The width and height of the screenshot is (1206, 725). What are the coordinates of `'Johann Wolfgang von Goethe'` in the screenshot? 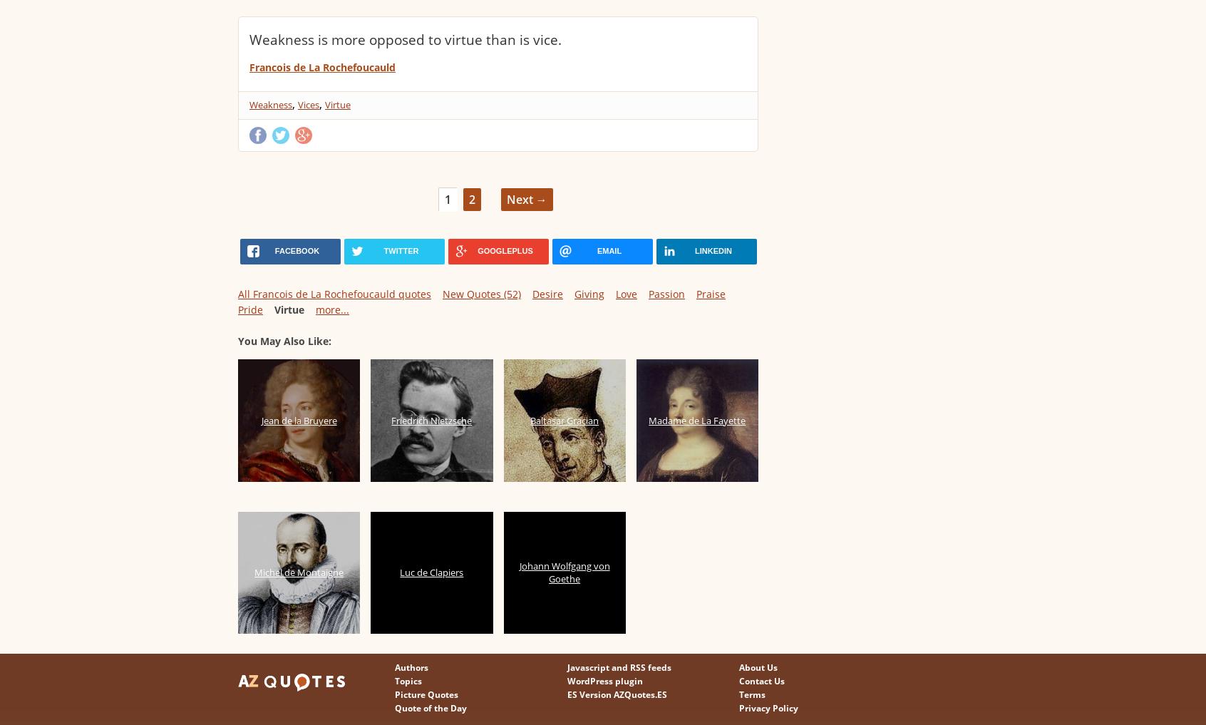 It's located at (564, 572).